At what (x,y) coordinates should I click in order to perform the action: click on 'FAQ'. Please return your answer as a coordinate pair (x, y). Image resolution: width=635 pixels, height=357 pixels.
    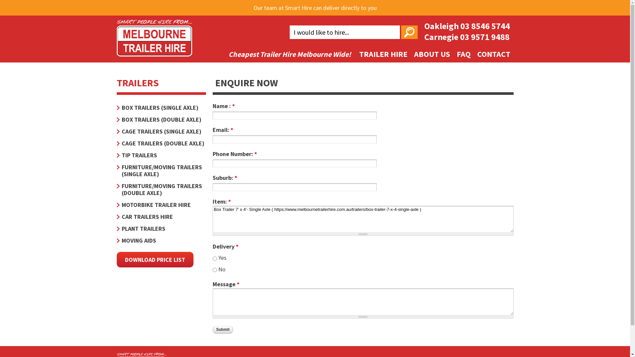
    Looking at the image, I should click on (463, 54).